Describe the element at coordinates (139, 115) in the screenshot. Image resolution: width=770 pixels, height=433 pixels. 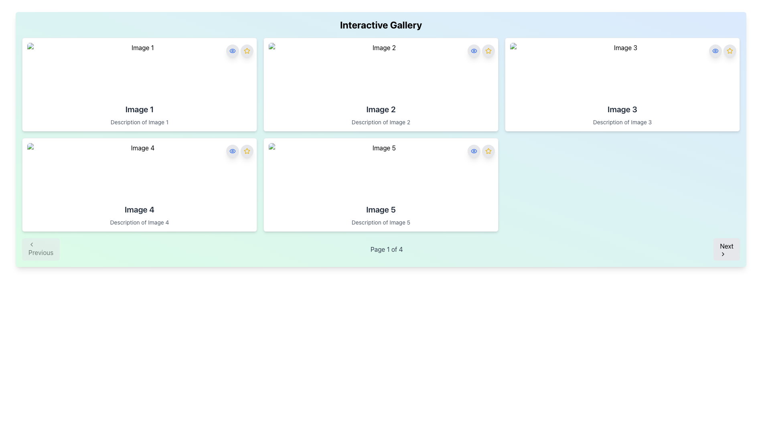
I see `title and description text content located in the central area of the first card in the top left row of the gallery` at that location.